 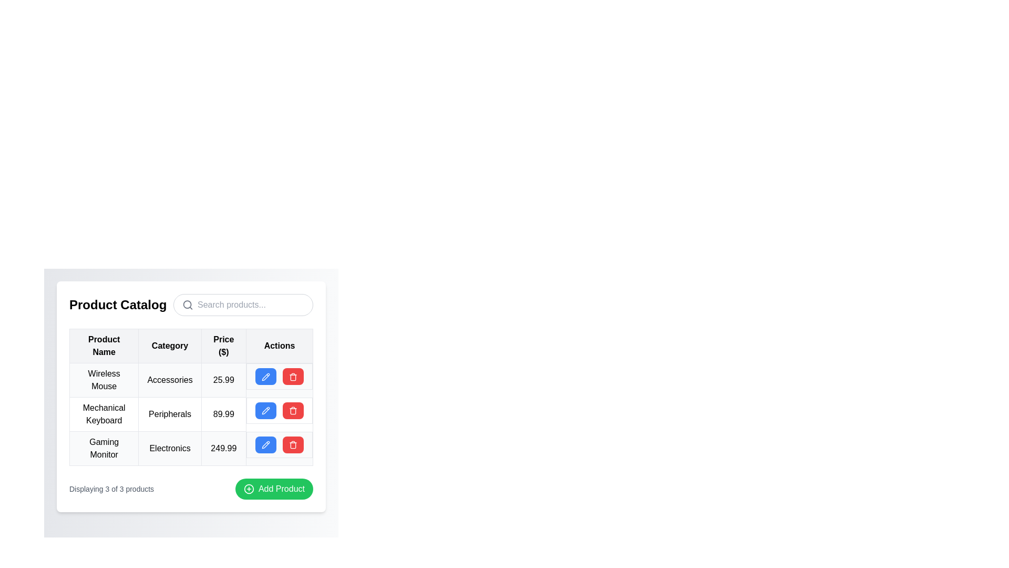 What do you see at coordinates (265, 445) in the screenshot?
I see `the pencil icon within the blue rounded button located in the 'Actions' column of the last row in a product listing table to initiate editing` at bounding box center [265, 445].